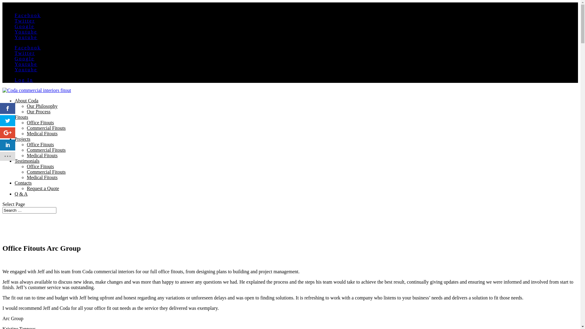 The height and width of the screenshot is (329, 585). I want to click on 'Our Philosophy', so click(42, 106).